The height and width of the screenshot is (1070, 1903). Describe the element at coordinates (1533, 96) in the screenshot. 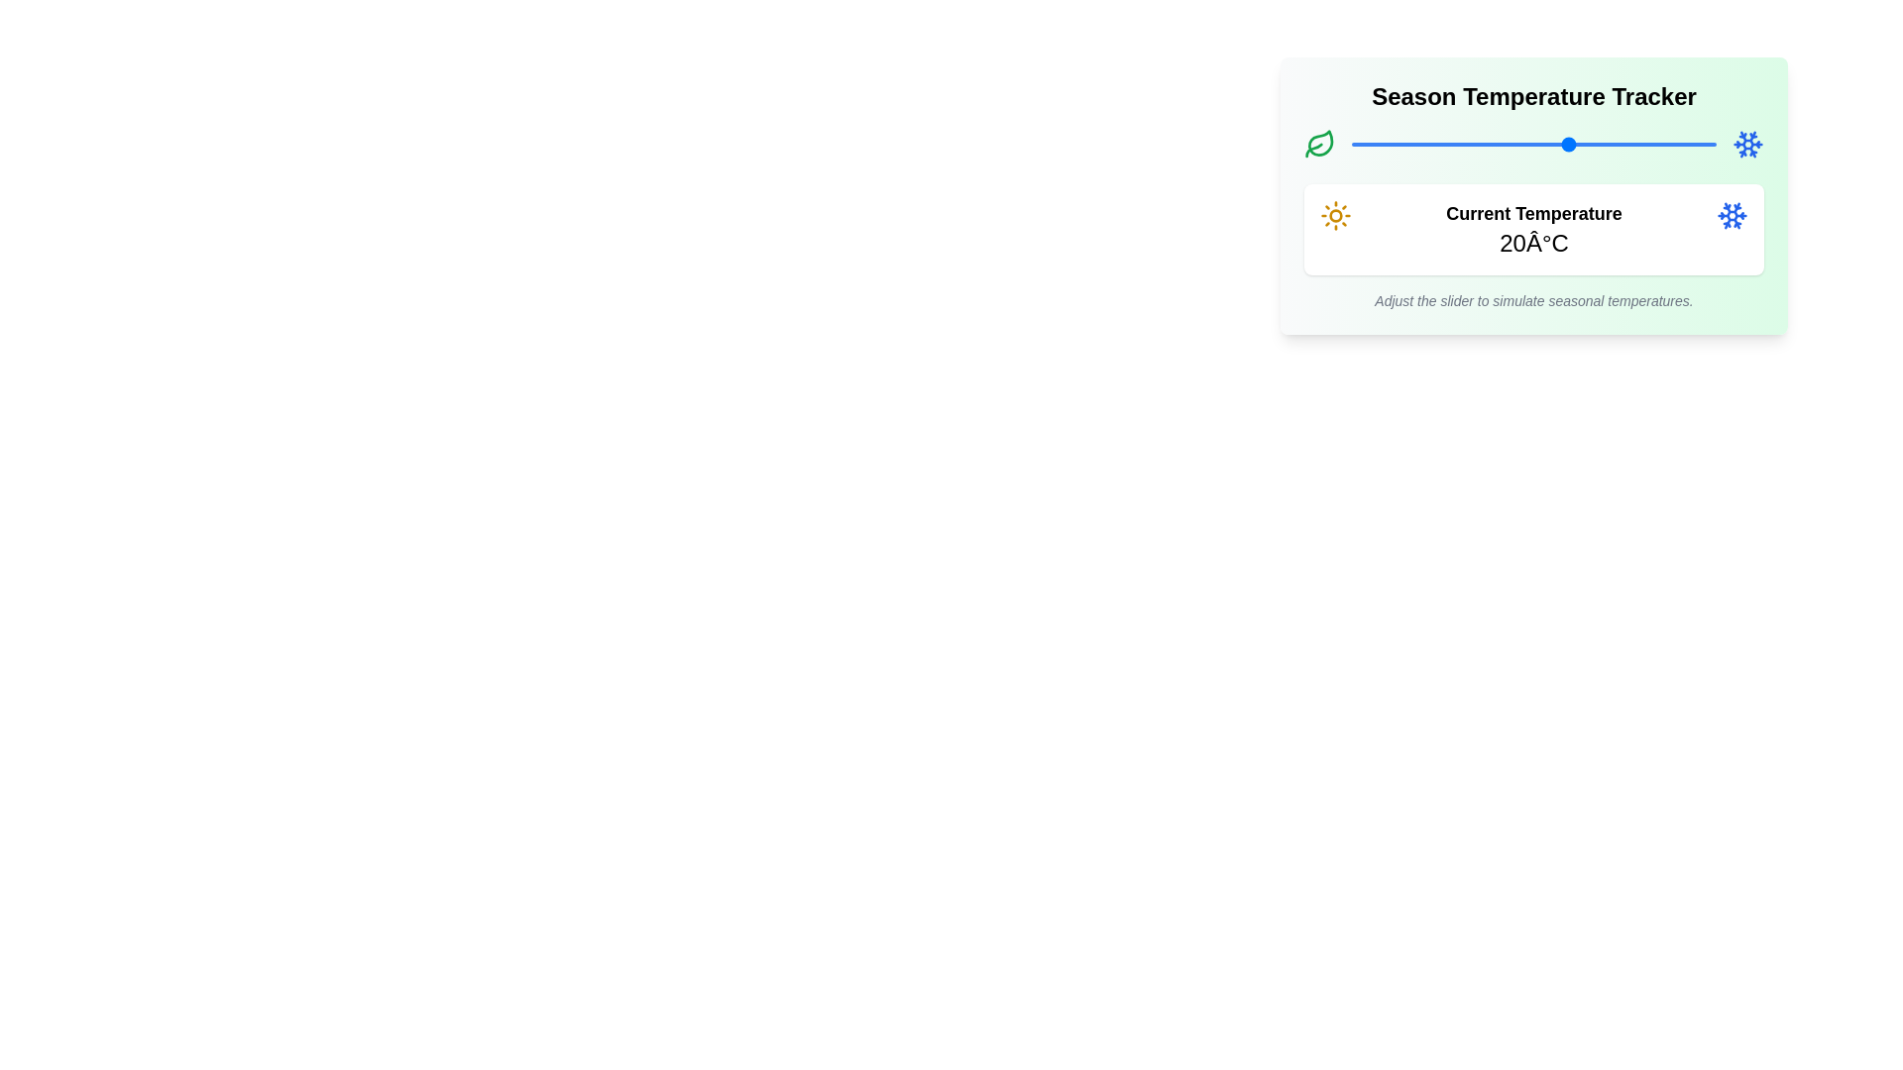

I see `the title 'Season Temperature Tracker'` at that location.